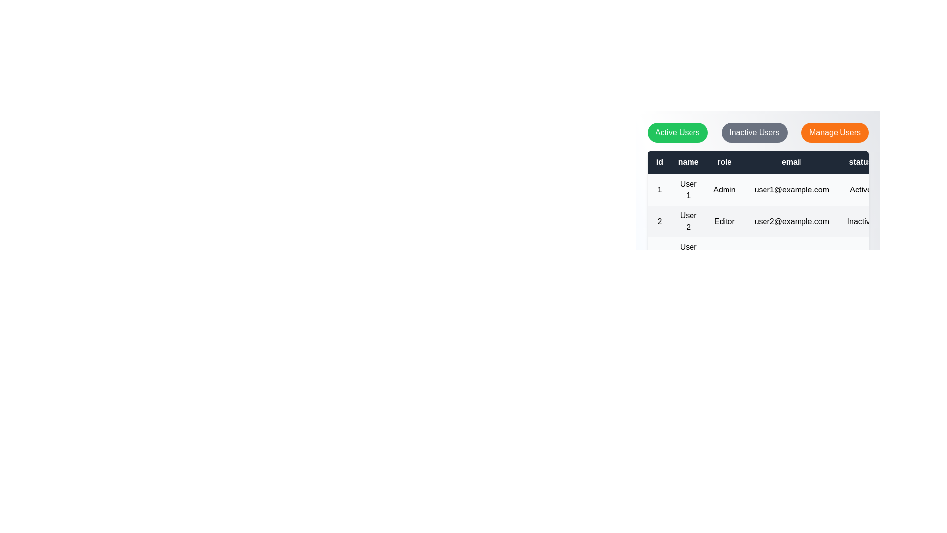 The image size is (947, 533). I want to click on the table header email to inspect its data, so click(792, 161).